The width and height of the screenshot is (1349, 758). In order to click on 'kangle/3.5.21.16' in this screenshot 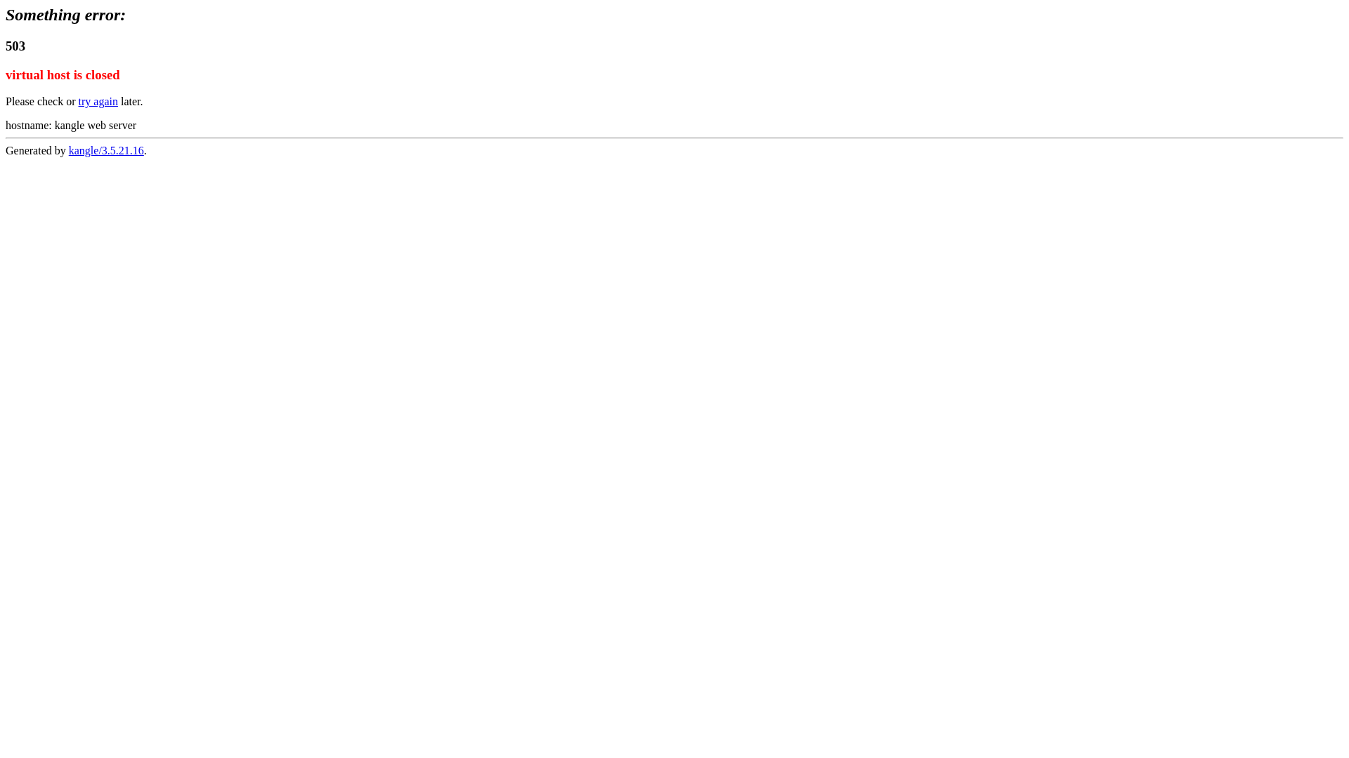, I will do `click(105, 150)`.